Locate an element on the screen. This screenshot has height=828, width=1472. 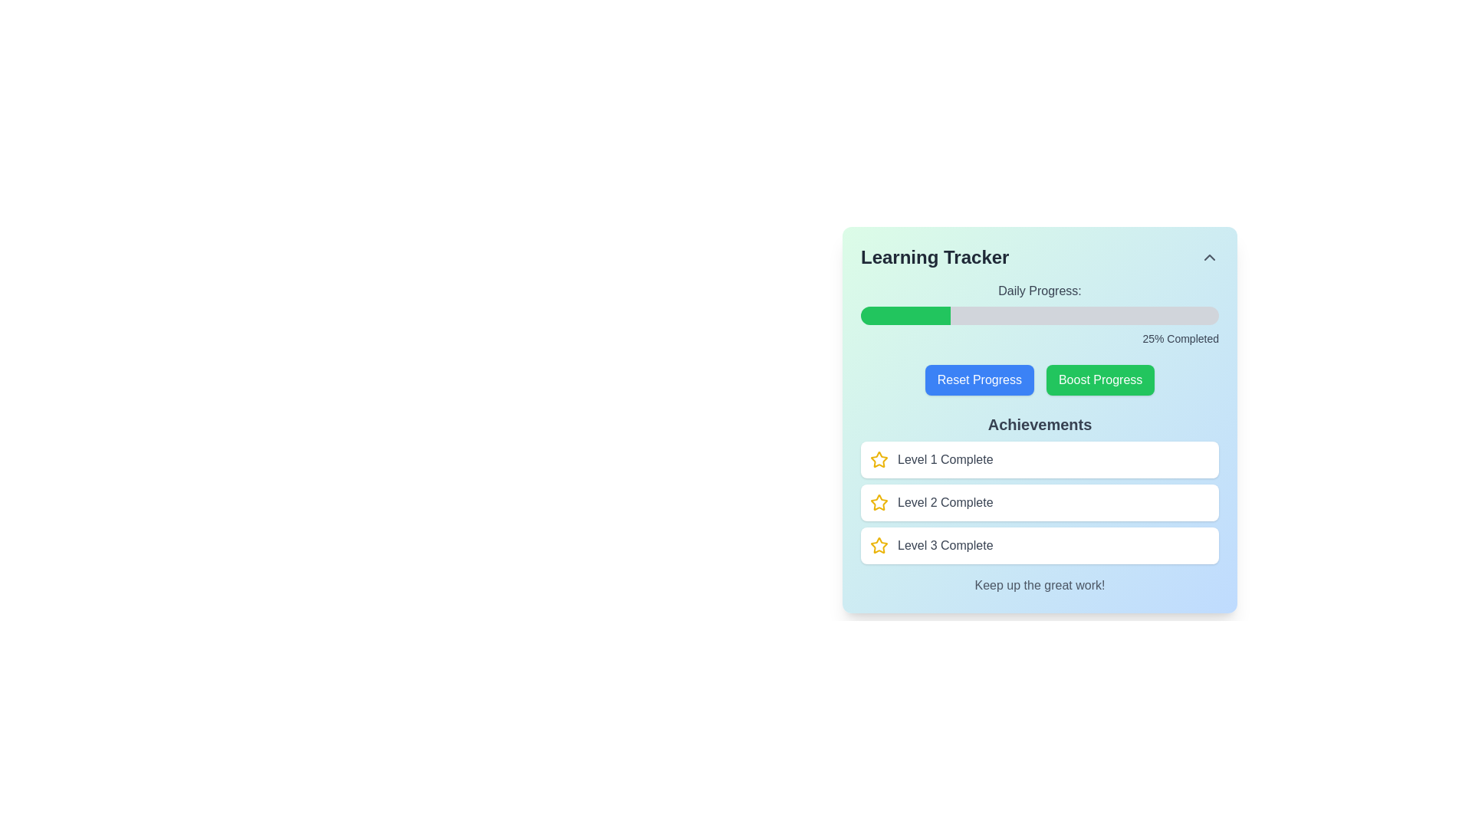
the horizontal progress bar in the 'Daily Progress' section, which is styled with rounded ends and shows 20% progress is located at coordinates (1040, 315).